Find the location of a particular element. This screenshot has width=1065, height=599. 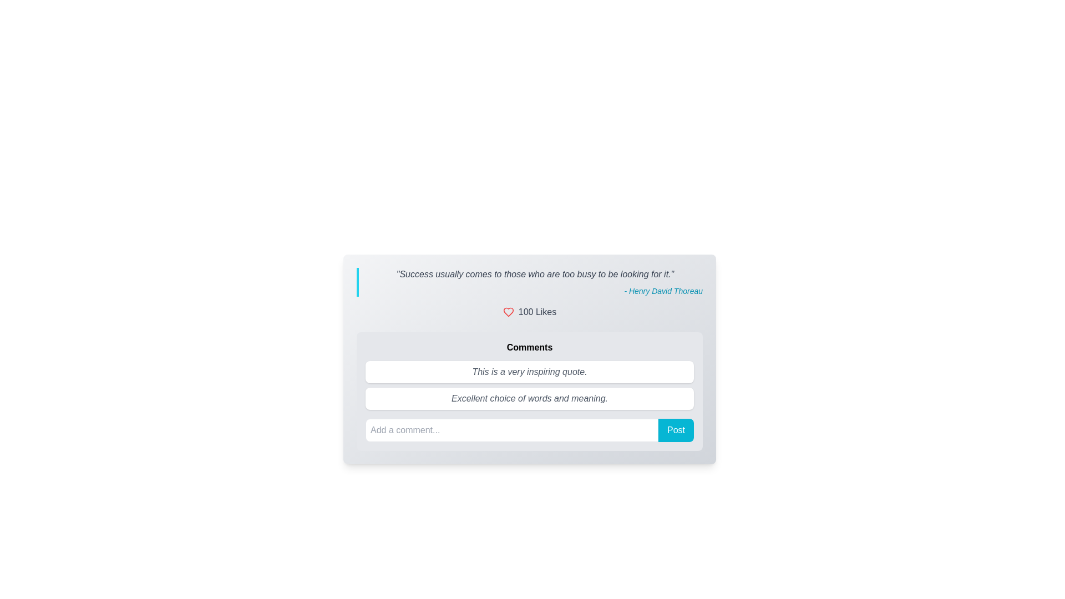

the text label displaying '100 Likes', which is styled in medium gray and is positioned to the right of a red heart icon is located at coordinates (537, 312).